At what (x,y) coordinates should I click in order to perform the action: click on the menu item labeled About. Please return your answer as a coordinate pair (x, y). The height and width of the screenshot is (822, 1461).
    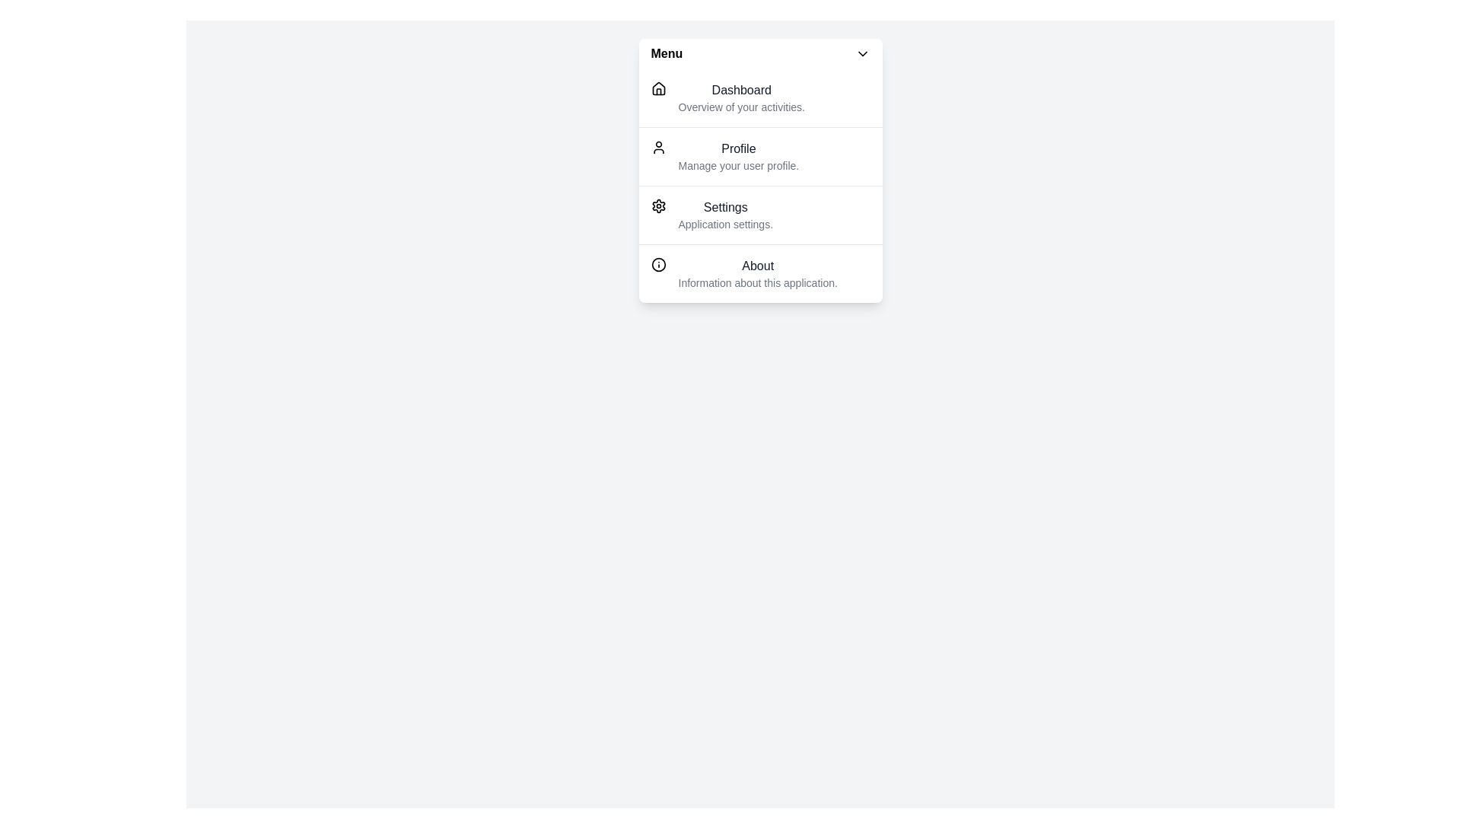
    Looking at the image, I should click on (760, 272).